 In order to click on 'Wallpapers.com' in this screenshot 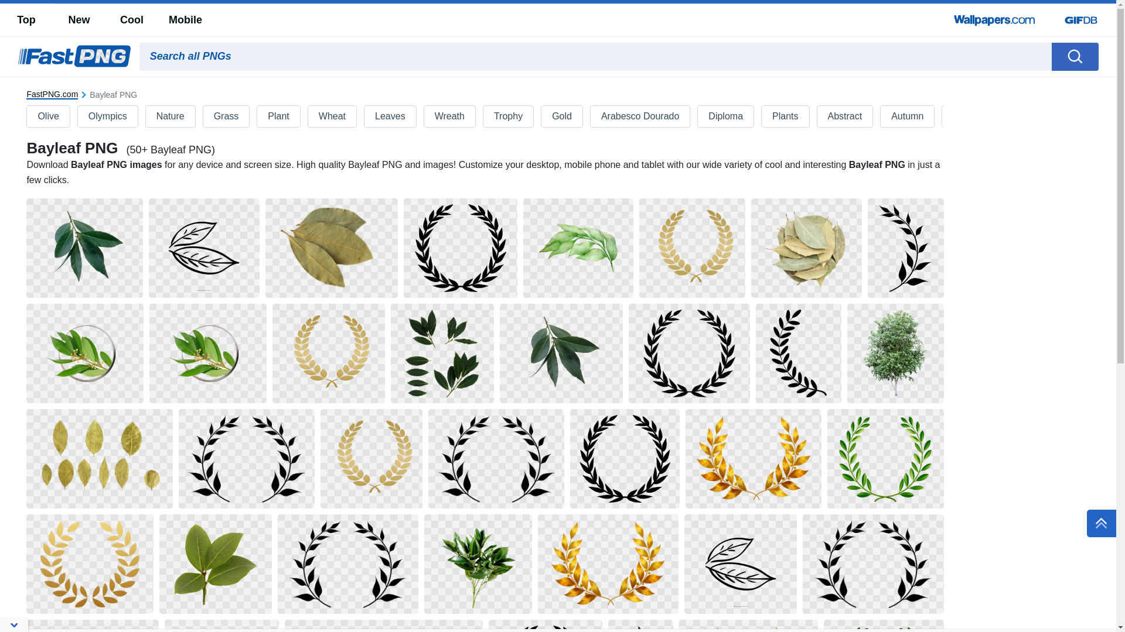, I will do `click(994, 20)`.